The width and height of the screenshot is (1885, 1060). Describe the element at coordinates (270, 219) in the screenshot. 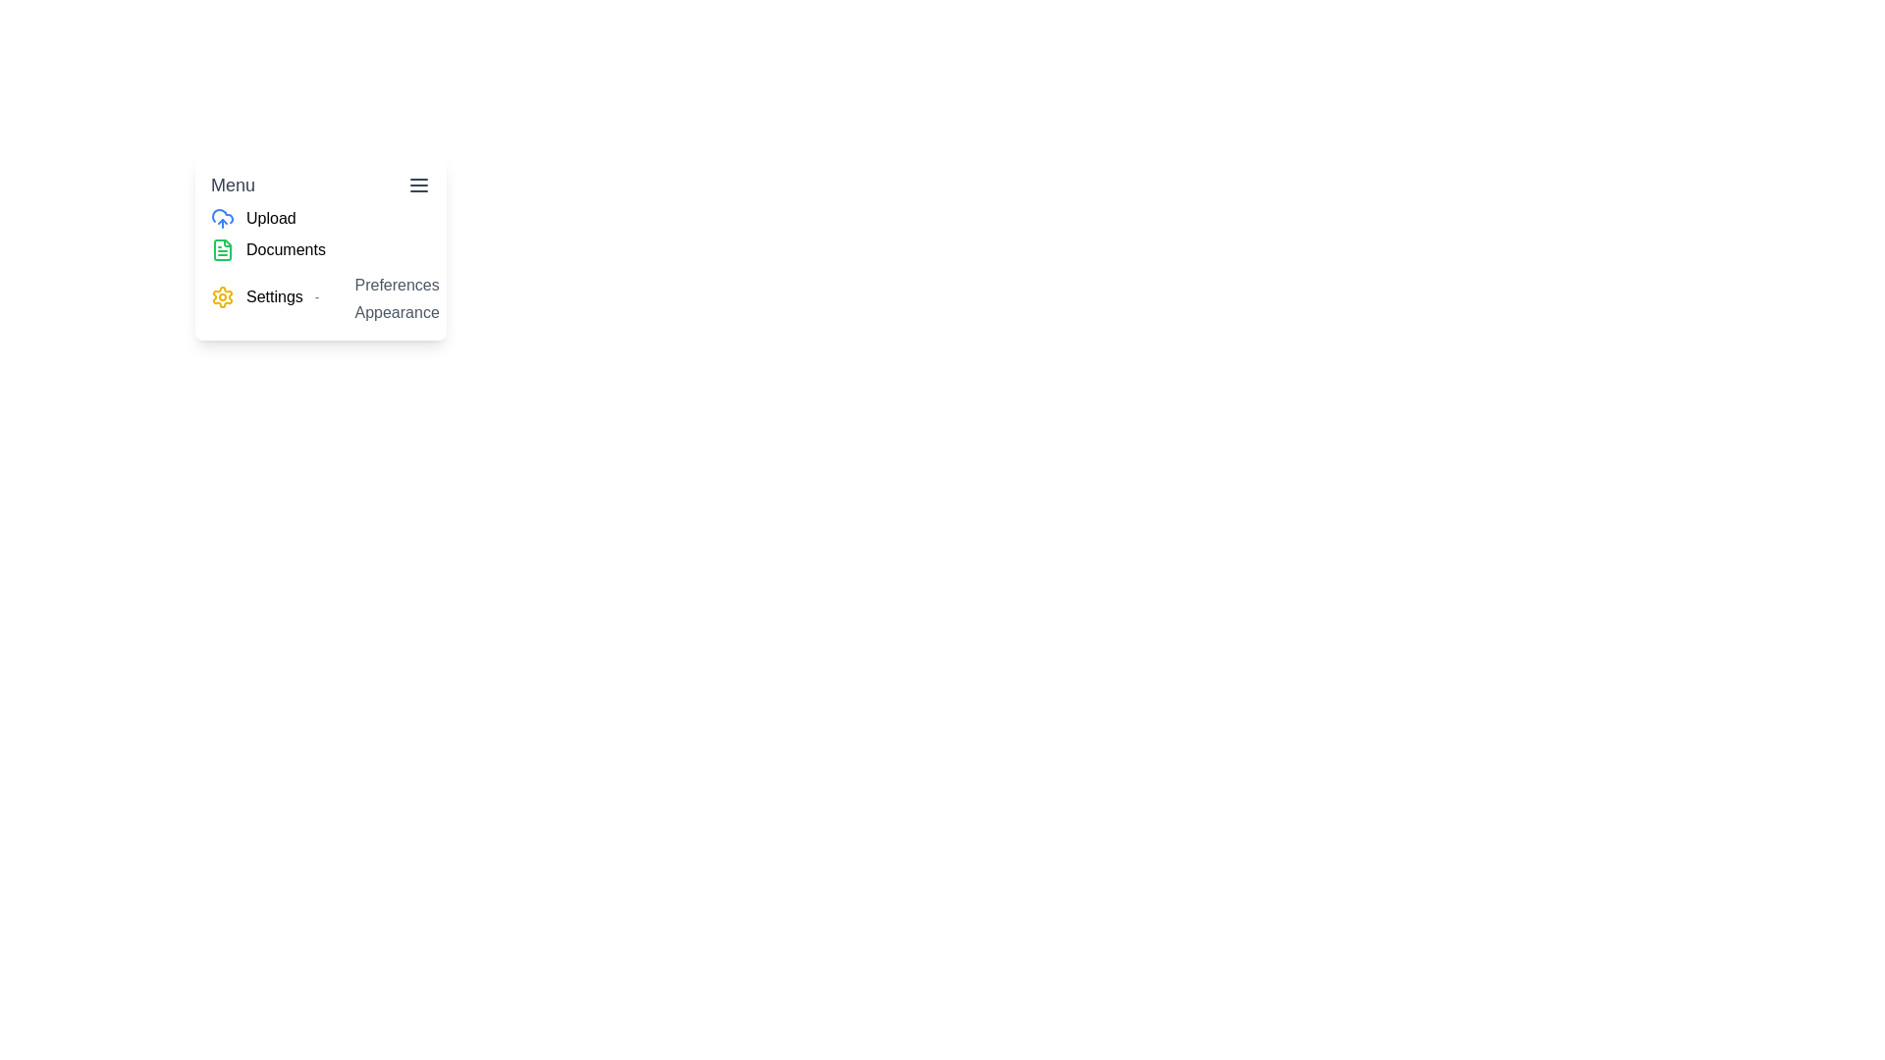

I see `the Text label that serves as a menu option for navigating to the upload feature located beneath the 'Menu' label in the top-left quadrant of the interface` at that location.